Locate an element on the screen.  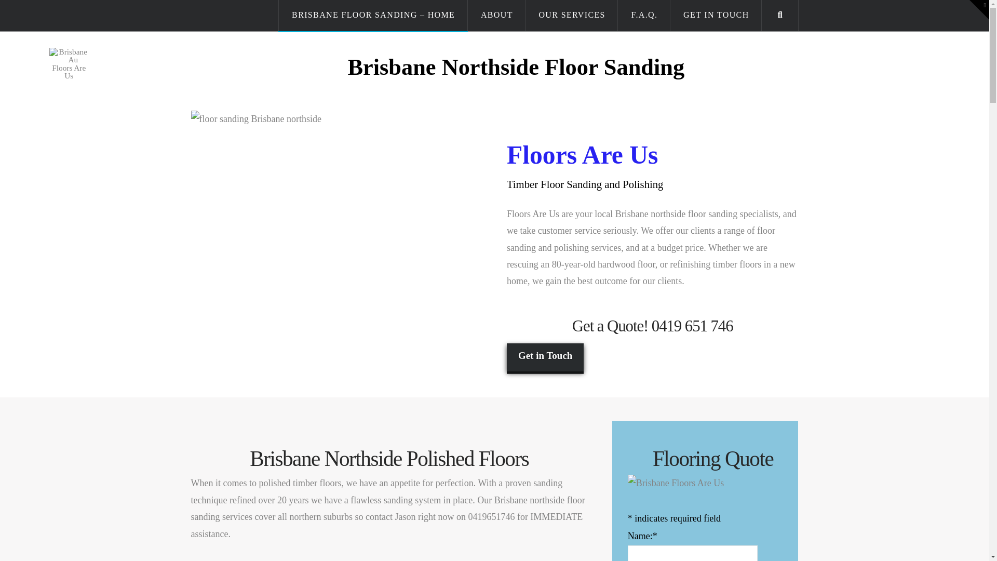
'Toggle the Widgetbar' is located at coordinates (979, 10).